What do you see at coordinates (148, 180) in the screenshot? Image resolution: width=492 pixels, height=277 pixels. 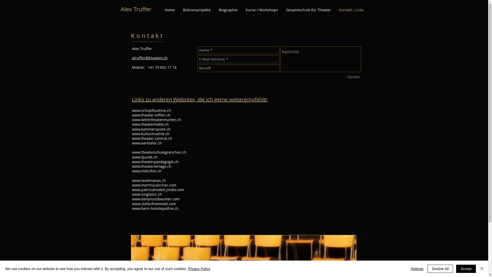 I see `'www.lesohnanas.ch'` at bounding box center [148, 180].